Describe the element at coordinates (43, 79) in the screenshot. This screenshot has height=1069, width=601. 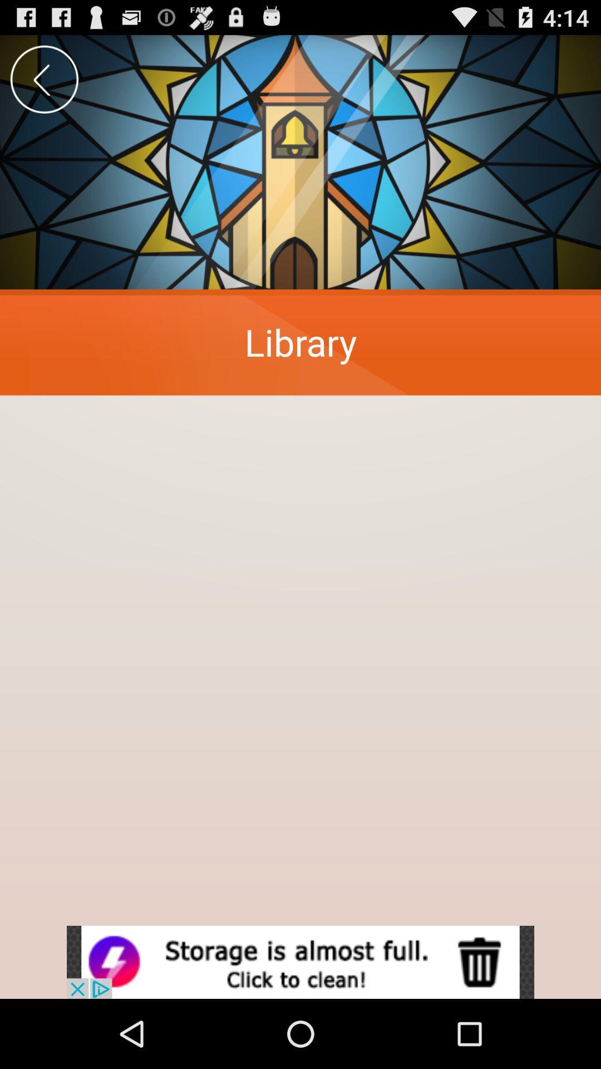
I see `go back` at that location.